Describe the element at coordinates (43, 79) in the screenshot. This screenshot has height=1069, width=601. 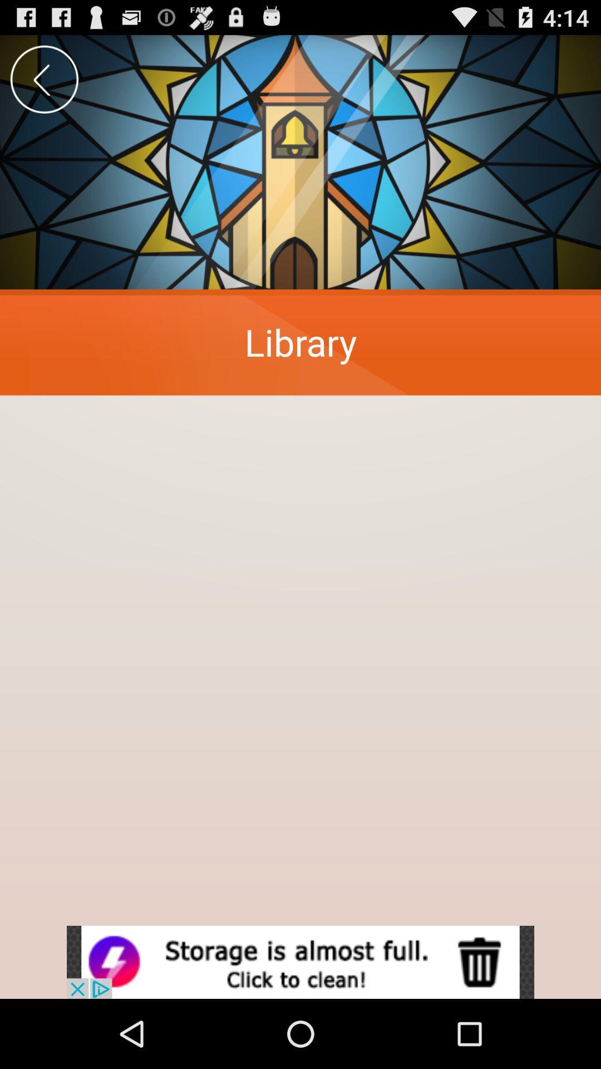
I see `go back` at that location.